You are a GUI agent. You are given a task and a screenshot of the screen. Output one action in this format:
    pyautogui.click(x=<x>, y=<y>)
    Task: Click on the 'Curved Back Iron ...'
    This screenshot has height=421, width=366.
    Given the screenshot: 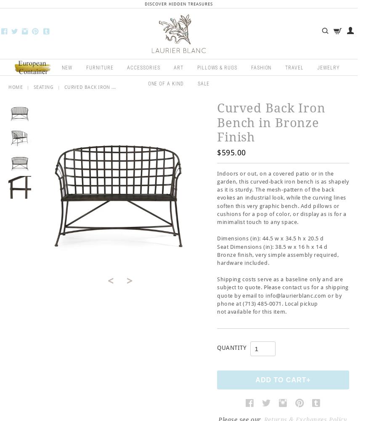 What is the action you would take?
    pyautogui.click(x=89, y=87)
    